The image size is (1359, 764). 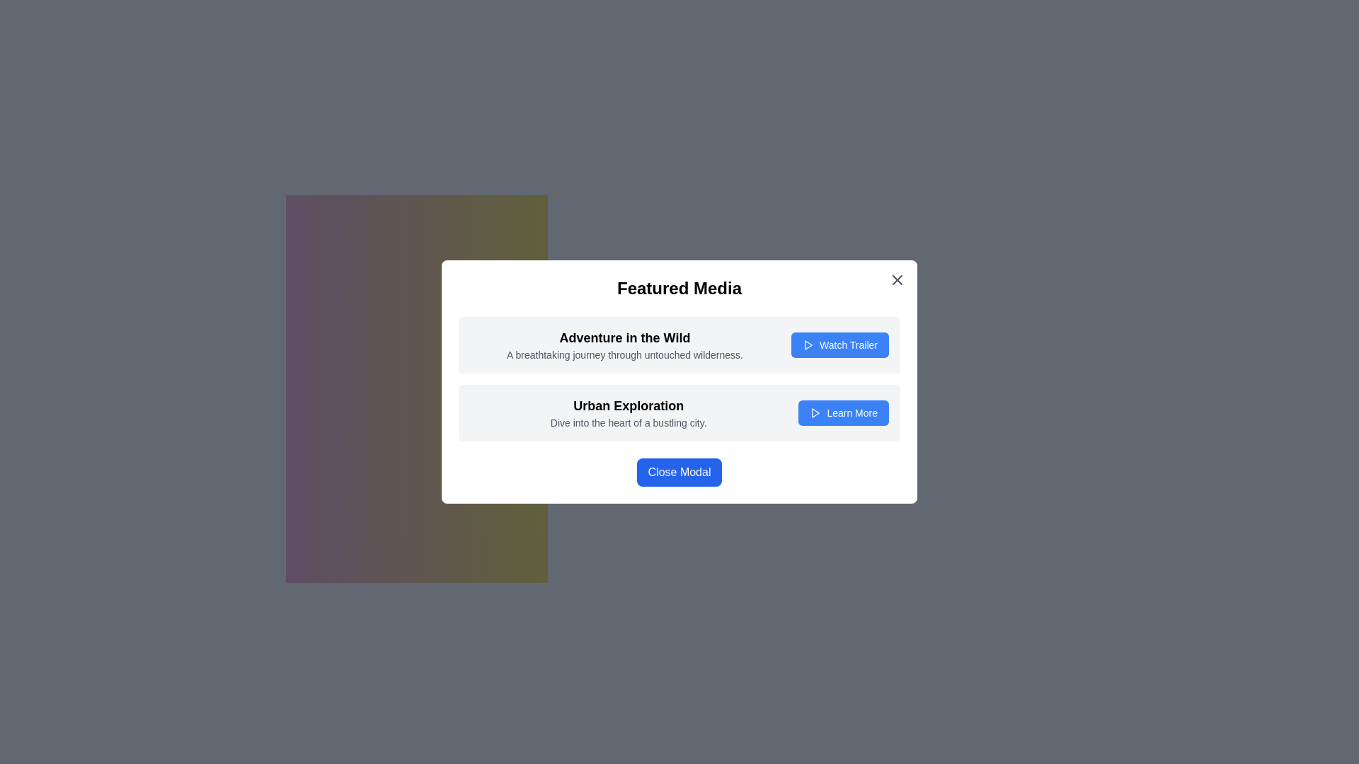 I want to click on the rectangular button with a blue background and white text that reads 'Close Modal', located at the bottom center of the modal titled 'Featured Media', so click(x=679, y=472).